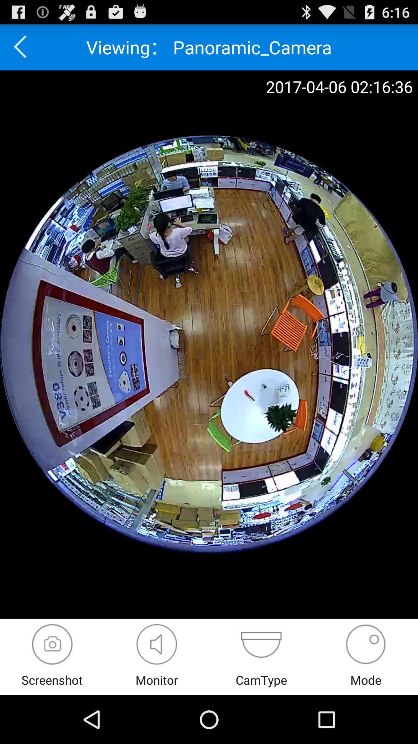 Image resolution: width=418 pixels, height=744 pixels. What do you see at coordinates (366, 644) in the screenshot?
I see `switch mode option` at bounding box center [366, 644].